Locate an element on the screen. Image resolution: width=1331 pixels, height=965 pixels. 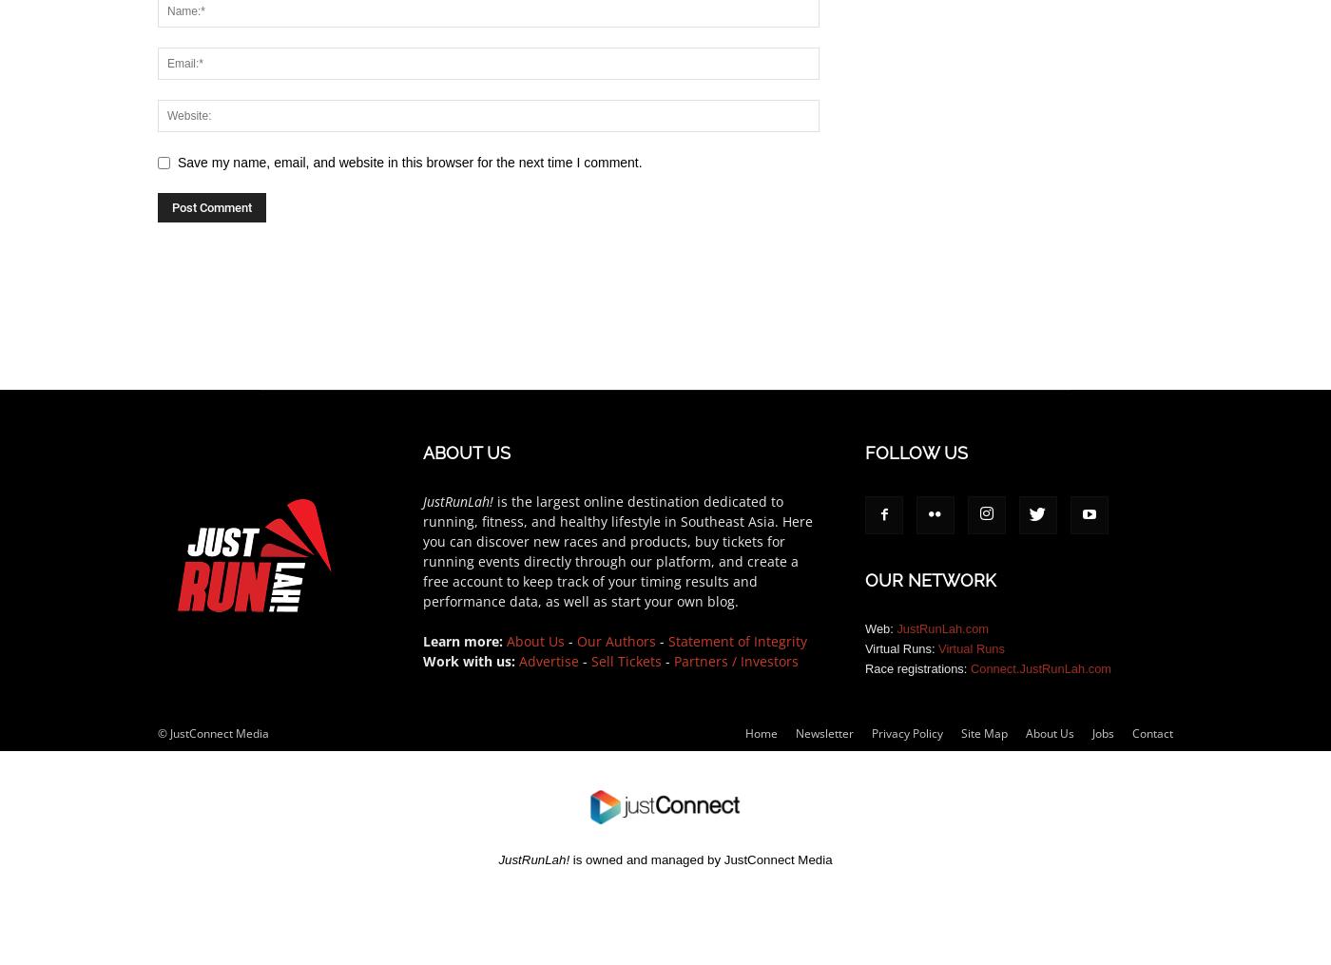
'OUR NETWORK' is located at coordinates (931, 579).